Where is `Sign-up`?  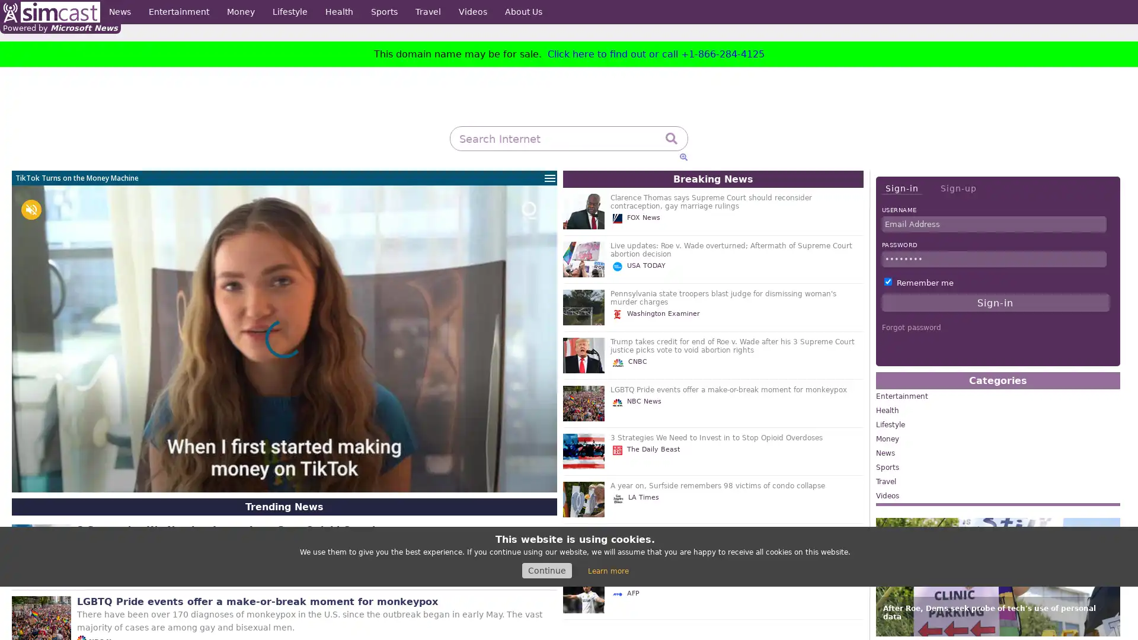
Sign-up is located at coordinates (958, 187).